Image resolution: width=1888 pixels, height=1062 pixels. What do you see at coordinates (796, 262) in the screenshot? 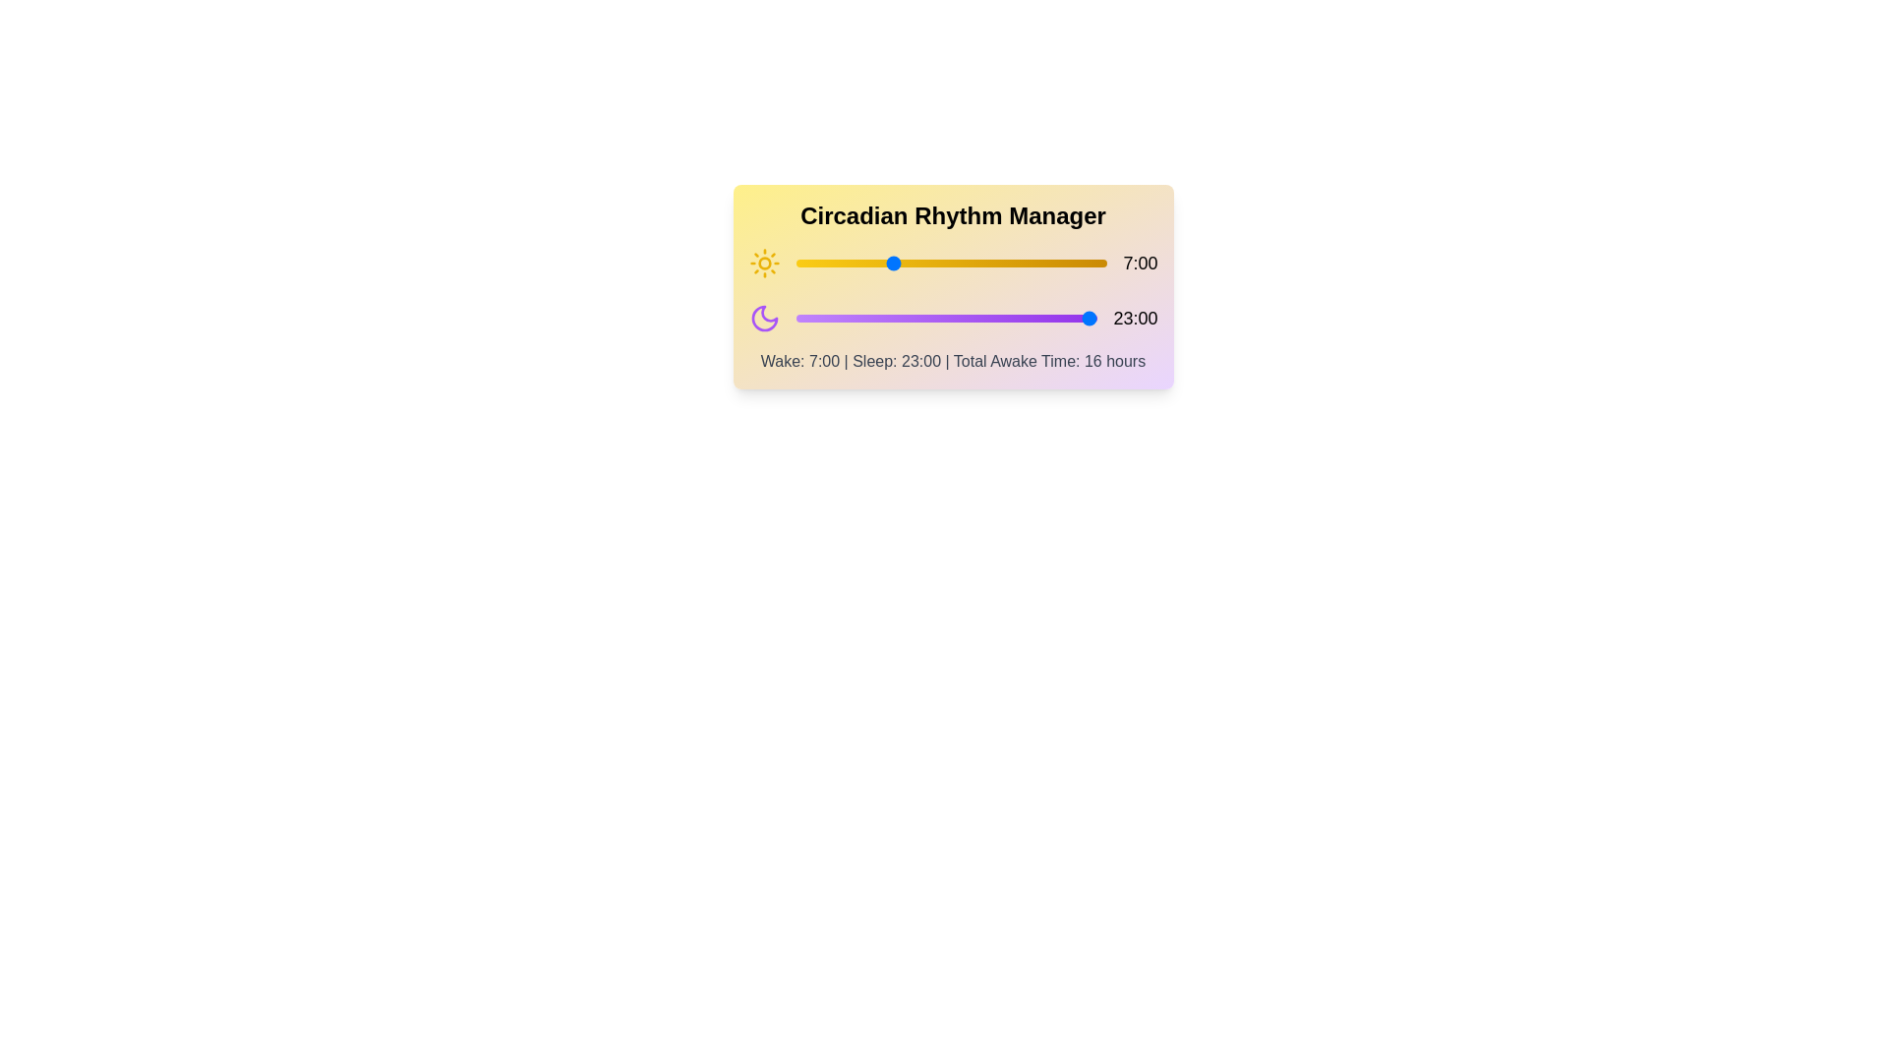
I see `the wake time slider to 0 hours` at bounding box center [796, 262].